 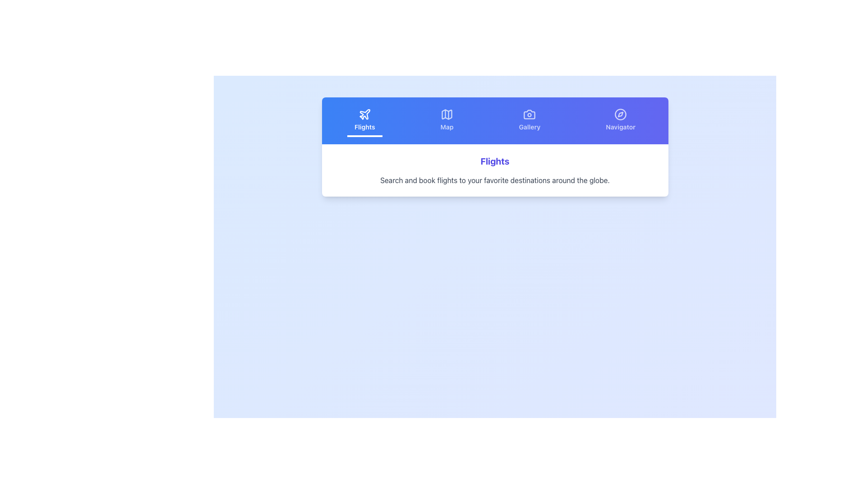 I want to click on the 'Map' button on the Navigation bar, which features a gradient color and is positioned at the upper portion of the interface, so click(x=494, y=120).